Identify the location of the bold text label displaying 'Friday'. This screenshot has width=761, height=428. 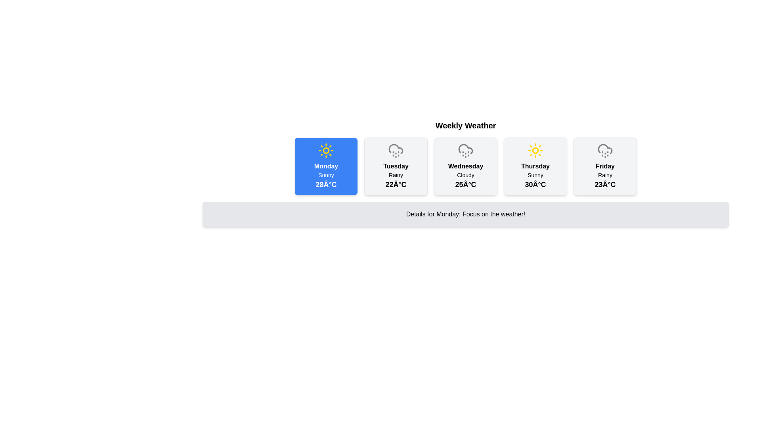
(604, 166).